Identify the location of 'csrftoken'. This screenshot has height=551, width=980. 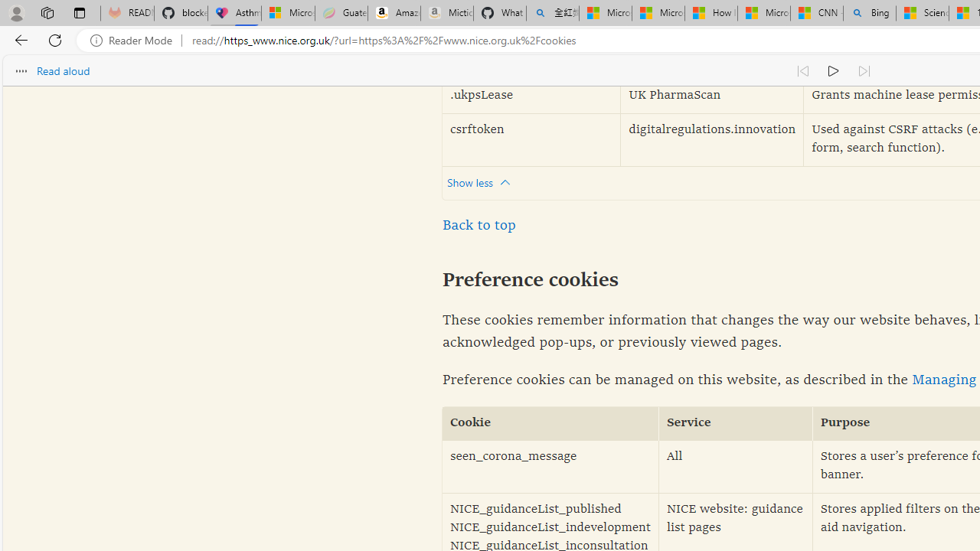
(531, 139).